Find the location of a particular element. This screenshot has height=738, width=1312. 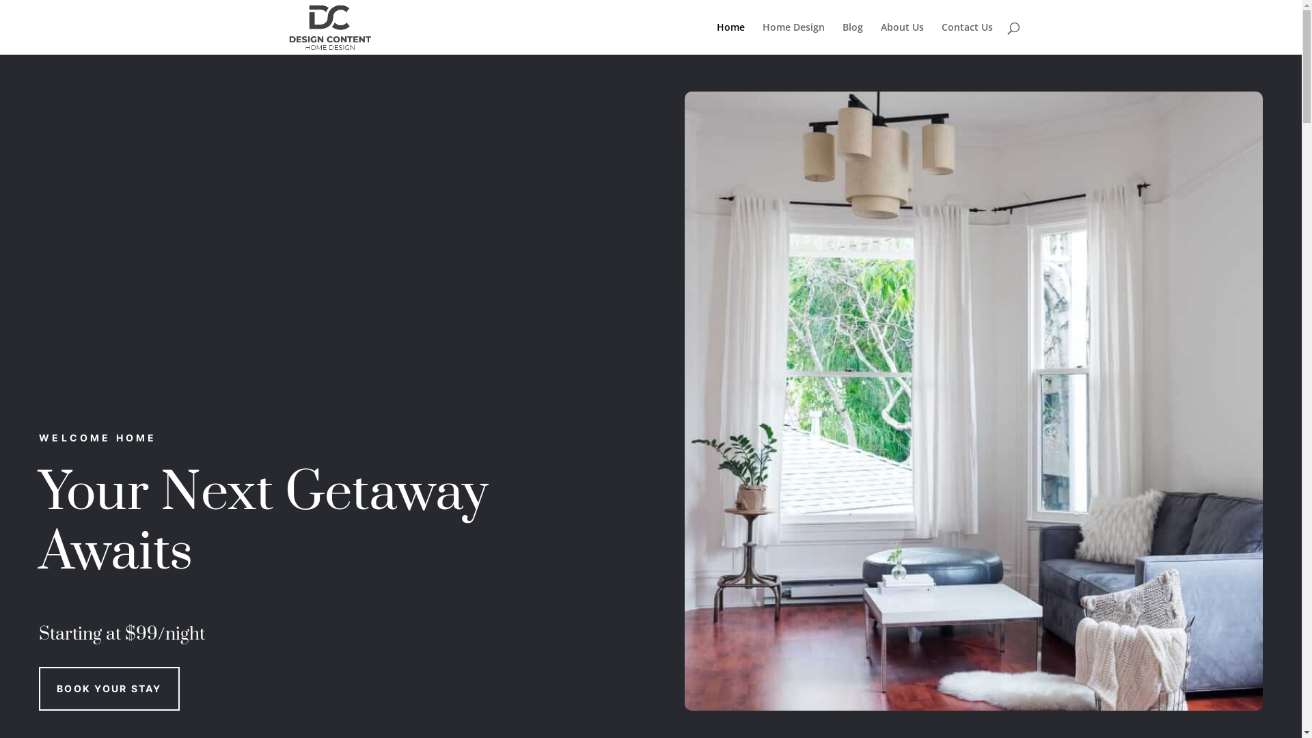

'Home Design' is located at coordinates (793, 38).